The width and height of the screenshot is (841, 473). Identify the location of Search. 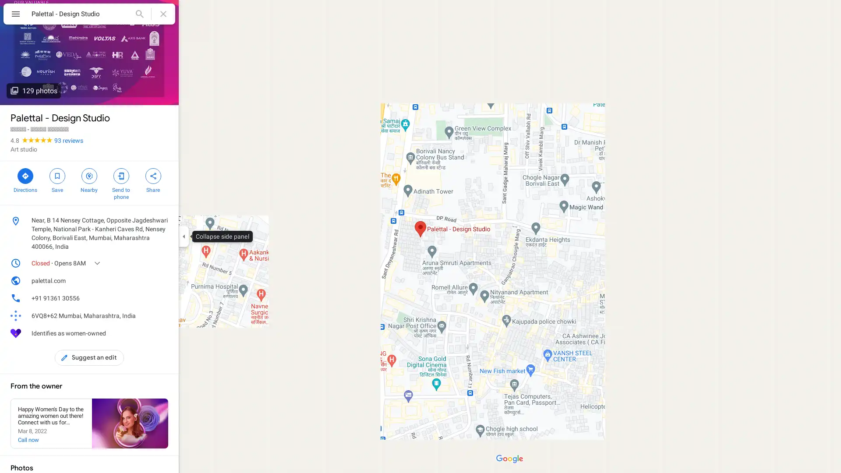
(139, 14).